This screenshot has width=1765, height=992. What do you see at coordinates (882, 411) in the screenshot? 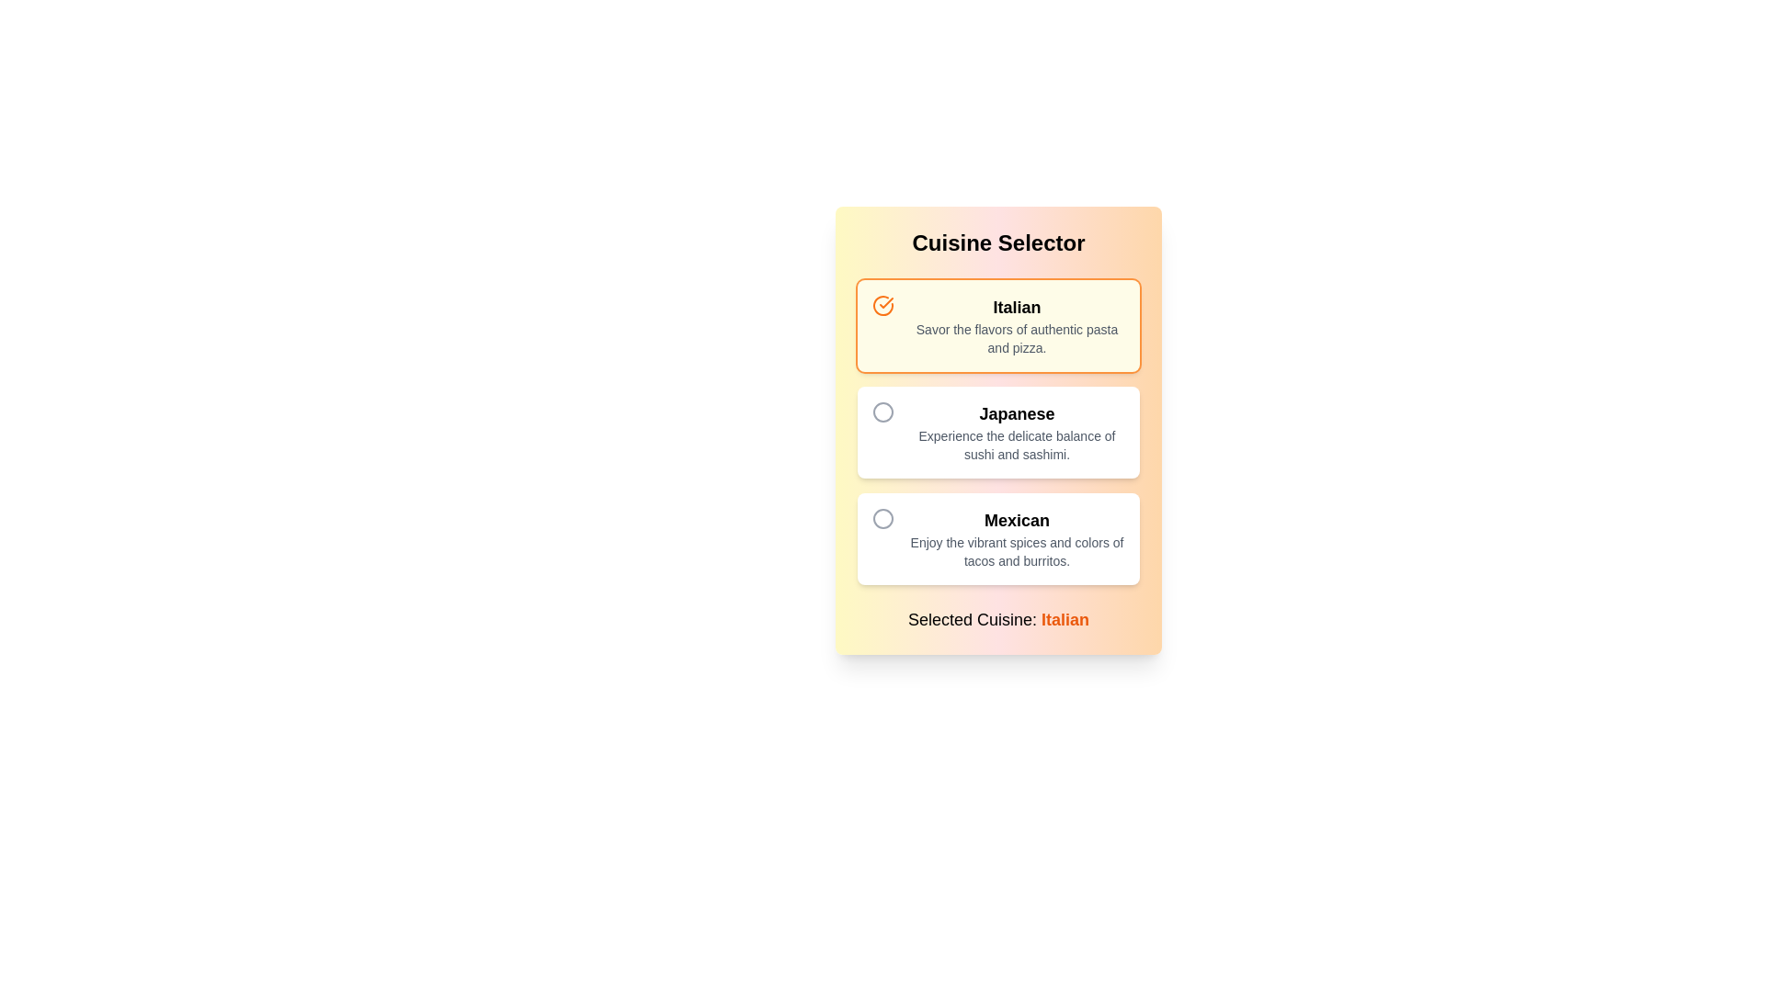
I see `the selection indicator circle for the 'Mexican' item in the 'Cuisine Selector' interface, which visually represents its selected or unselected state` at bounding box center [882, 411].